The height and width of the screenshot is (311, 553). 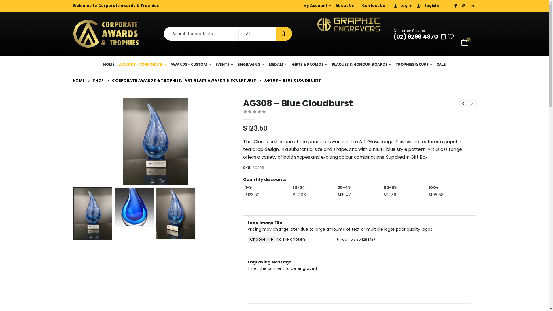 What do you see at coordinates (472, 5) in the screenshot?
I see `'LinkedIn'` at bounding box center [472, 5].